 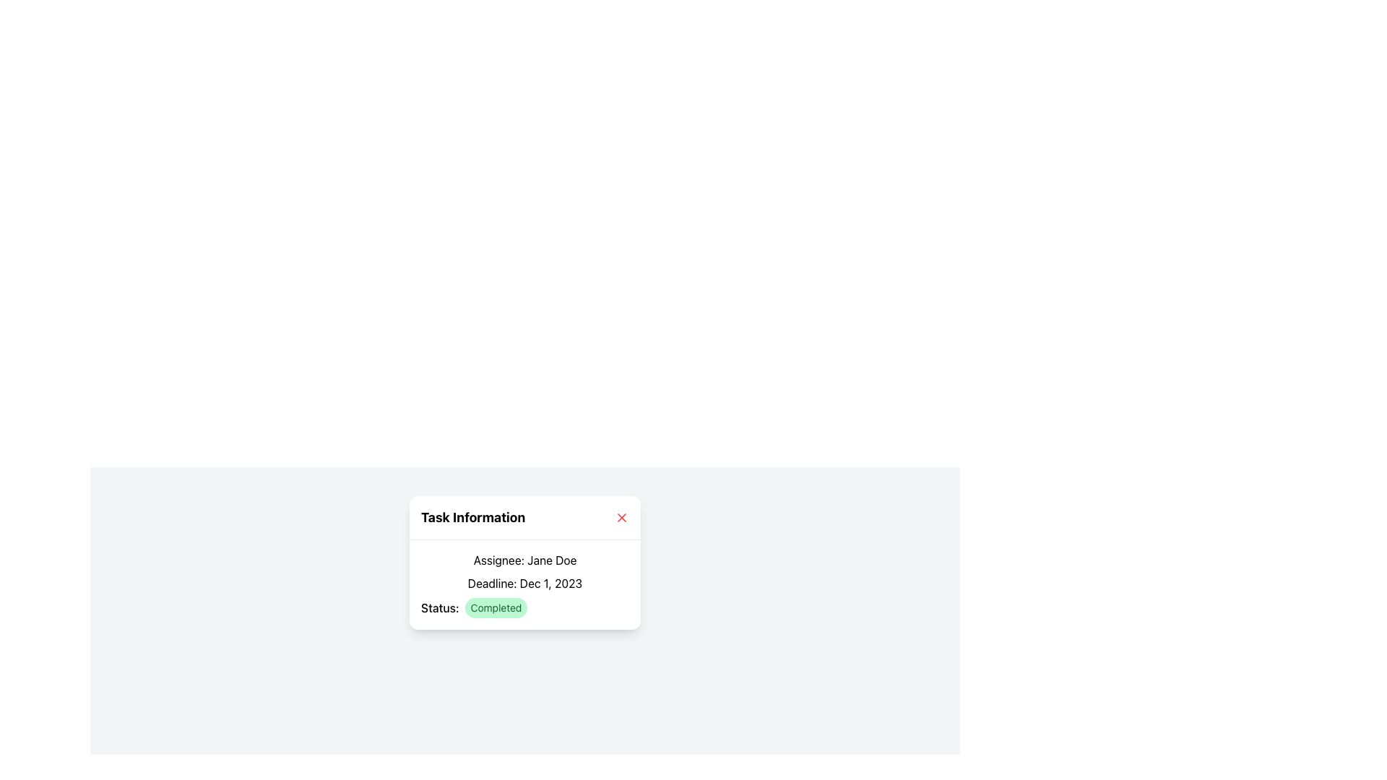 What do you see at coordinates (524, 559) in the screenshot?
I see `the non-interactive informational text label that displays the name of the person assigned to the task, located below the title 'Task Information'` at bounding box center [524, 559].